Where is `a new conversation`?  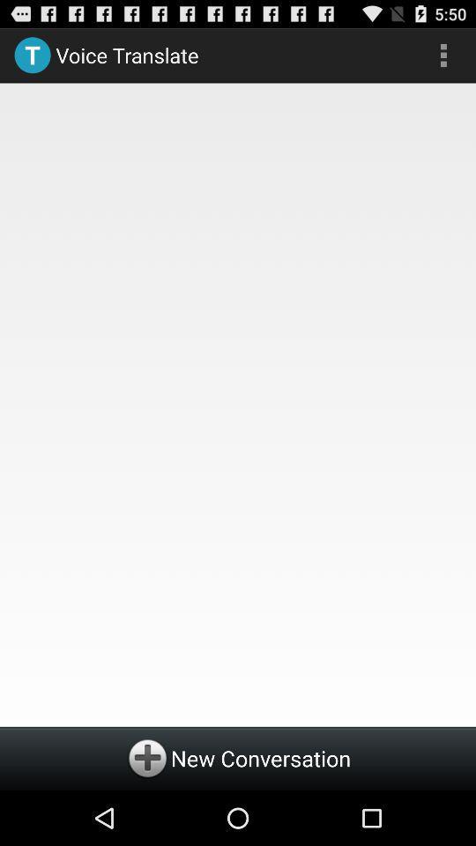 a new conversation is located at coordinates (238, 757).